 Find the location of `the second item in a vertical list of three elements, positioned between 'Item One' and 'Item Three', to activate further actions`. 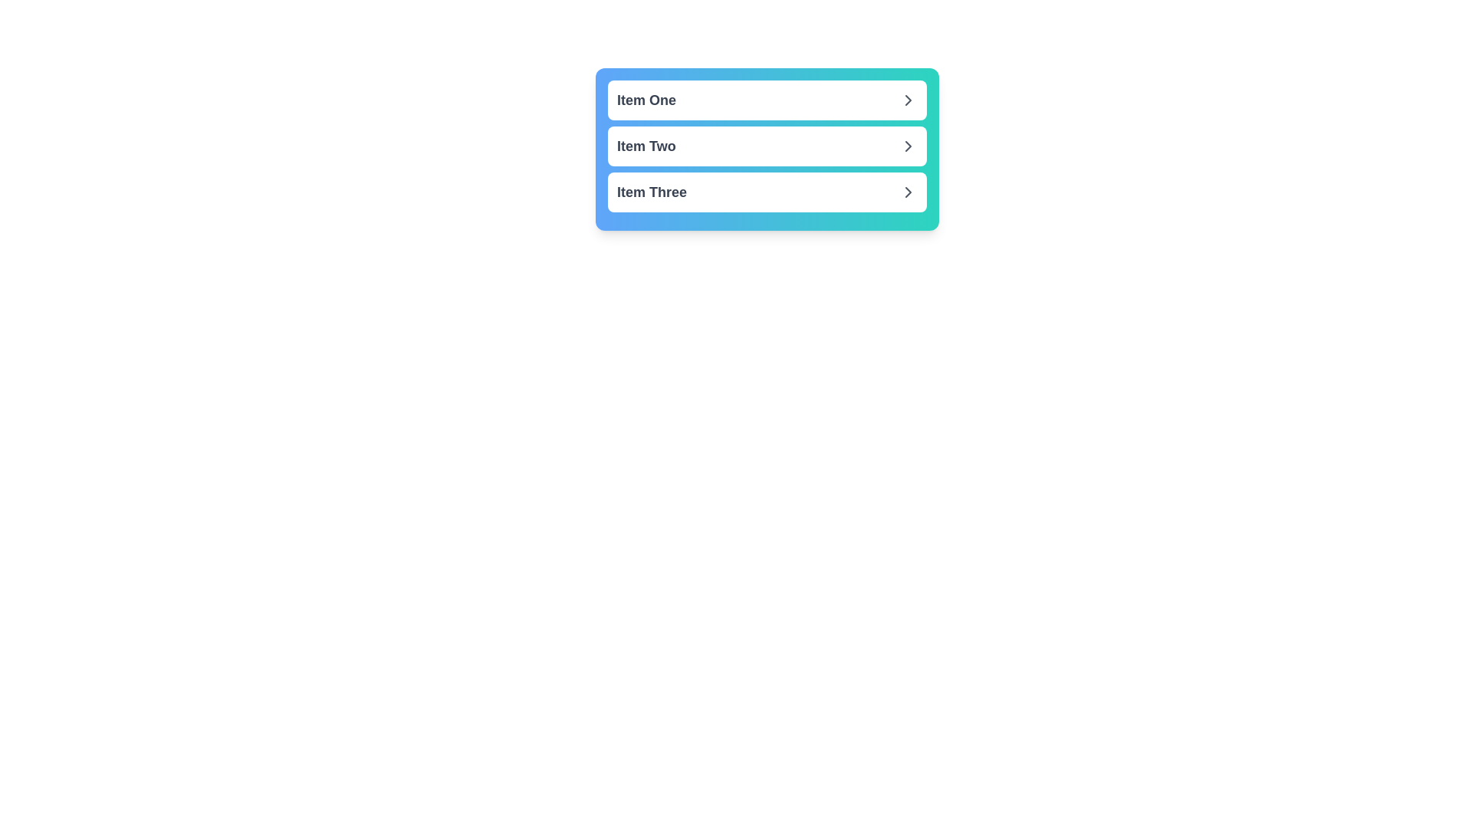

the second item in a vertical list of three elements, positioned between 'Item One' and 'Item Three', to activate further actions is located at coordinates (767, 146).